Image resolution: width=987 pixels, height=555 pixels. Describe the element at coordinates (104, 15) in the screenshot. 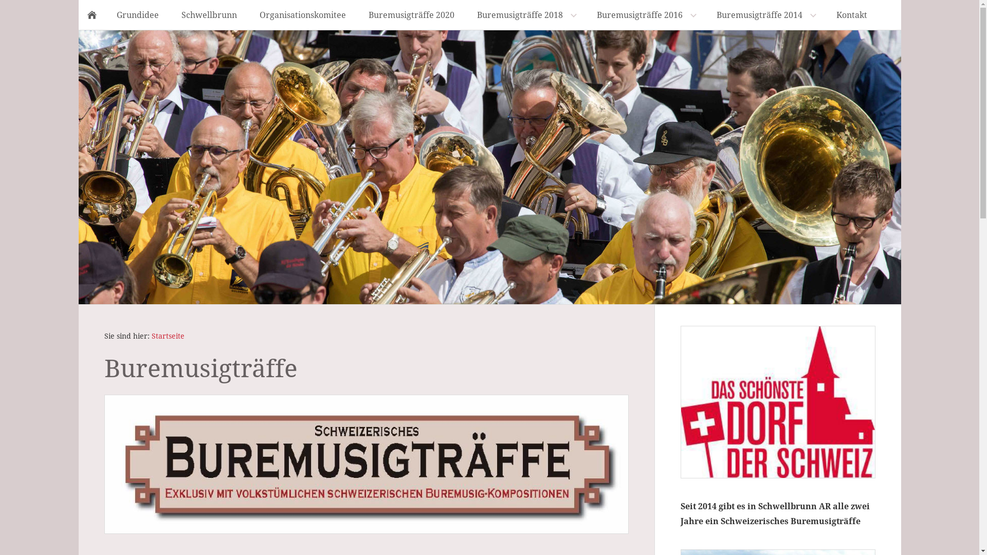

I see `'Grundidee'` at that location.